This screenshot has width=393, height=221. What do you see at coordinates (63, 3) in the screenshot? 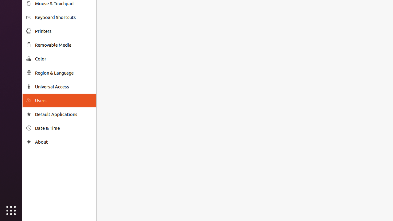
I see `'Mouse & Touchpad'` at bounding box center [63, 3].